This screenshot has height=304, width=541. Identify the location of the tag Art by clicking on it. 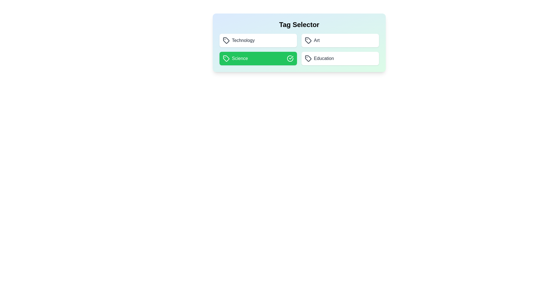
(340, 40).